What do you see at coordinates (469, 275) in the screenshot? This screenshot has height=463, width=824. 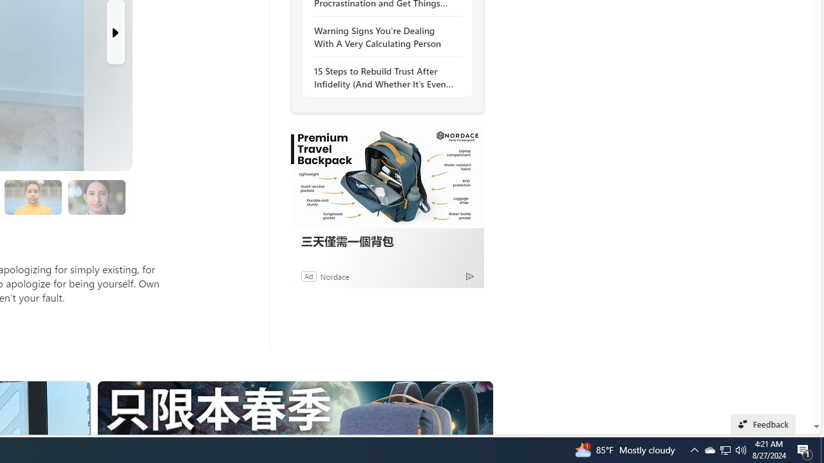 I see `'Ad Choice'` at bounding box center [469, 275].